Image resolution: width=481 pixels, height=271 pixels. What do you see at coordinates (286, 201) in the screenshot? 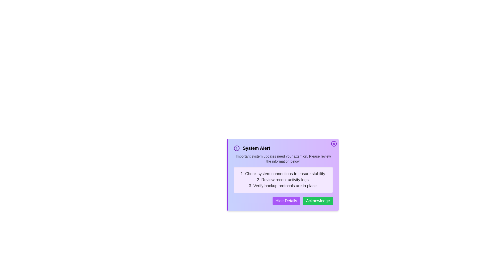
I see `the 'Hide Details' button to toggle the visibility of the details section` at bounding box center [286, 201].